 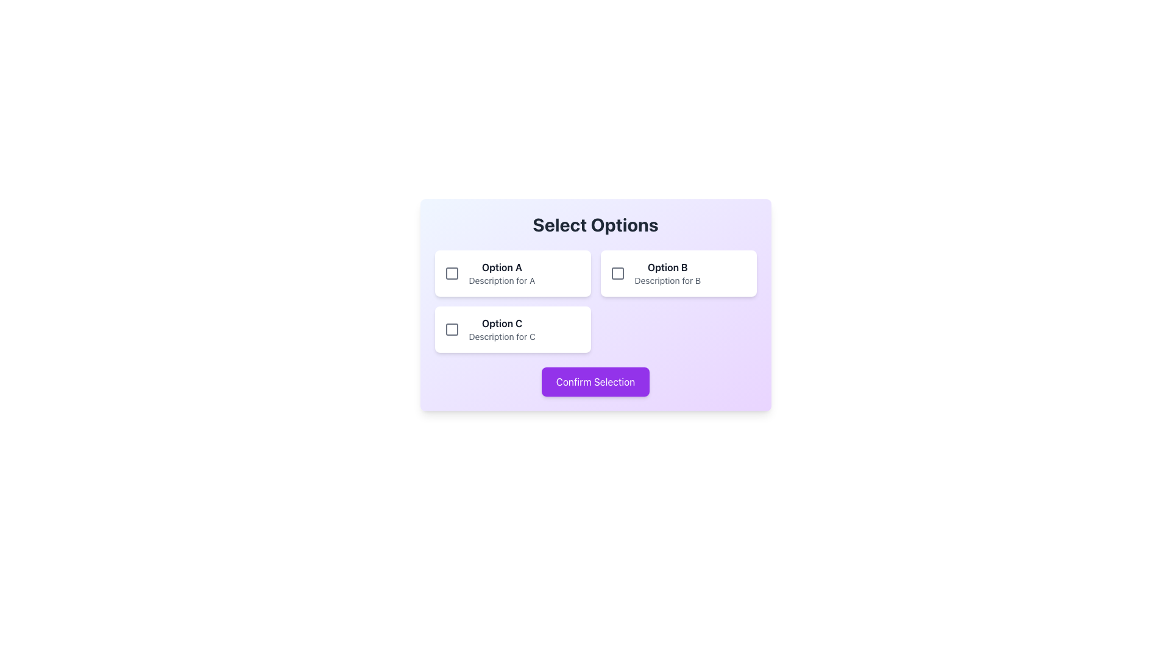 What do you see at coordinates (451, 329) in the screenshot?
I see `the checkbox for 'Option C'` at bounding box center [451, 329].